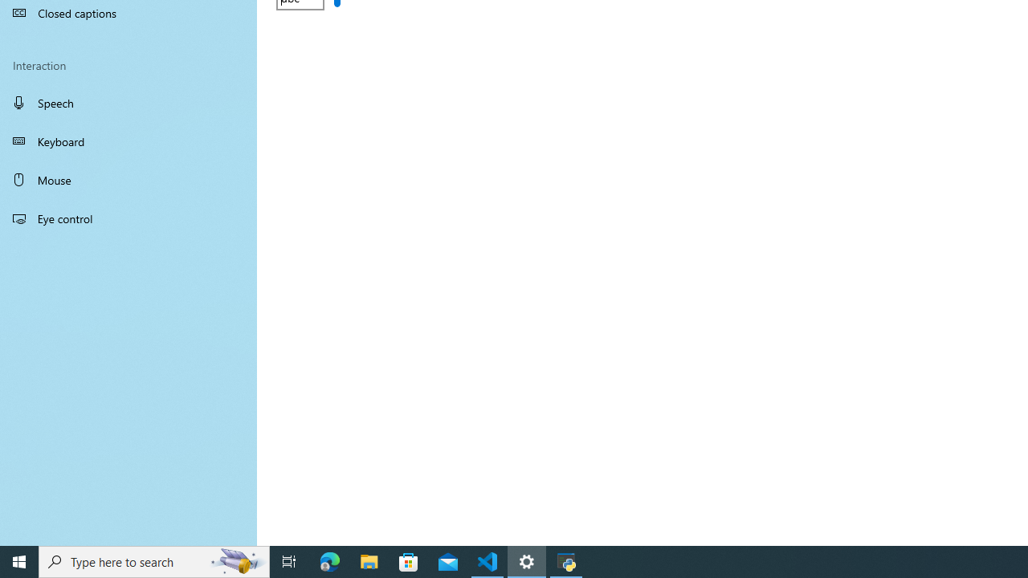 The height and width of the screenshot is (578, 1028). What do you see at coordinates (128, 218) in the screenshot?
I see `'Eye control'` at bounding box center [128, 218].